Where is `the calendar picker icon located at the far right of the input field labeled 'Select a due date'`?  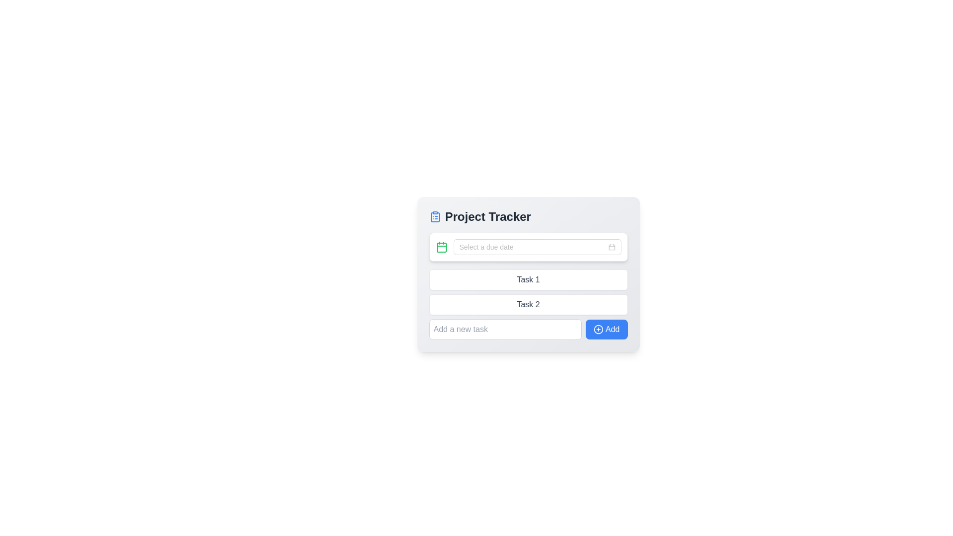
the calendar picker icon located at the far right of the input field labeled 'Select a due date' is located at coordinates (611, 246).